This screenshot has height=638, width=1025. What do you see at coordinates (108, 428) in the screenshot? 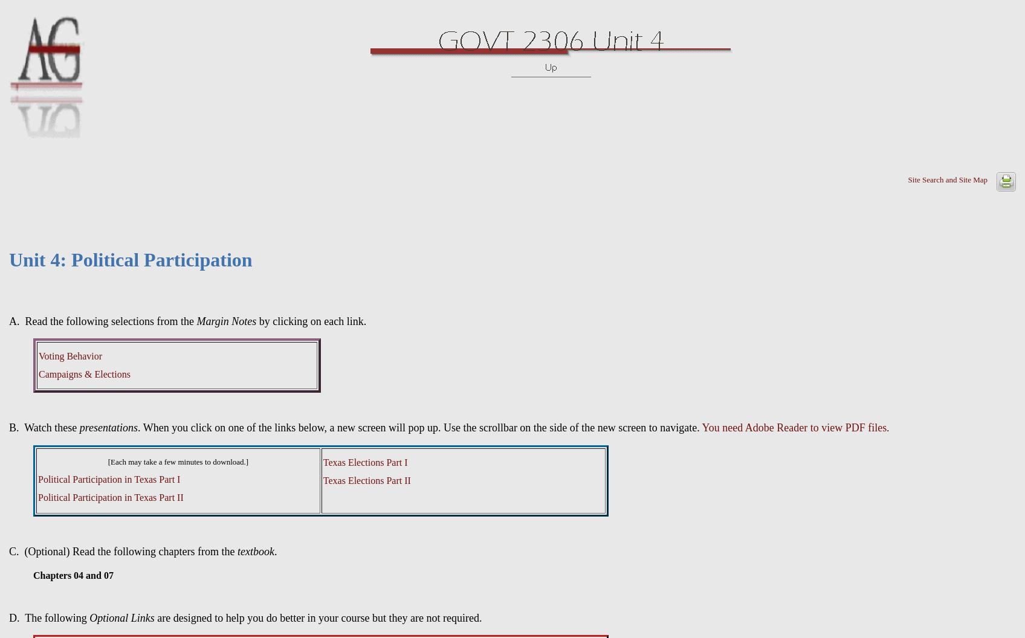
I see `'presentations'` at bounding box center [108, 428].